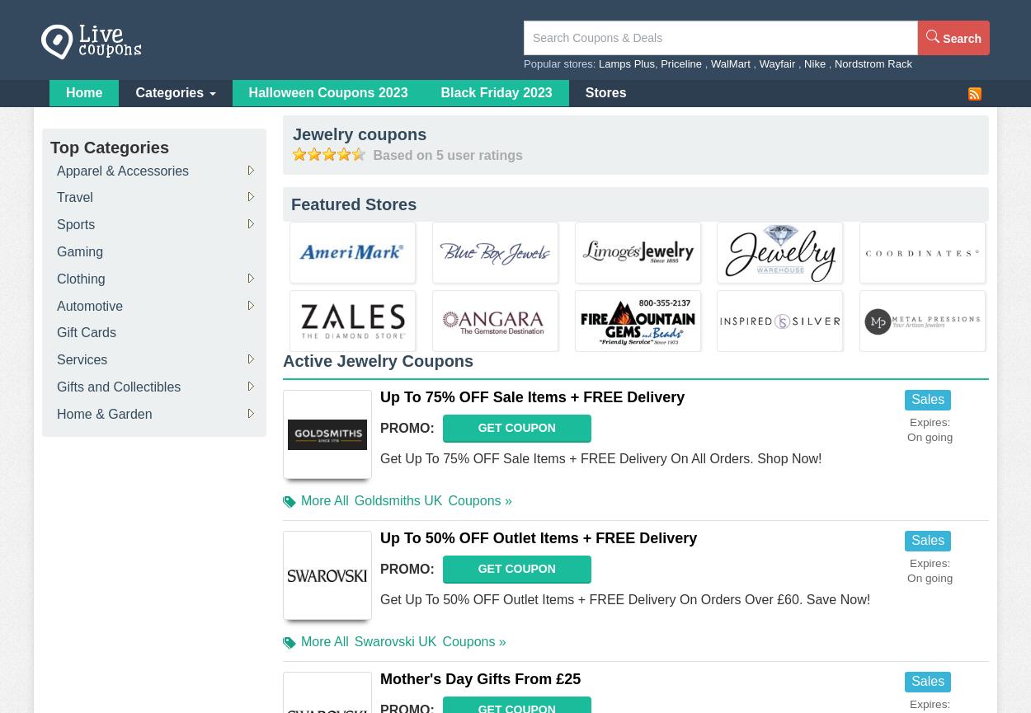 The width and height of the screenshot is (1031, 713). Describe the element at coordinates (539, 537) in the screenshot. I see `'Up To 50% OFF Outlet Items + FREE Delivery'` at that location.